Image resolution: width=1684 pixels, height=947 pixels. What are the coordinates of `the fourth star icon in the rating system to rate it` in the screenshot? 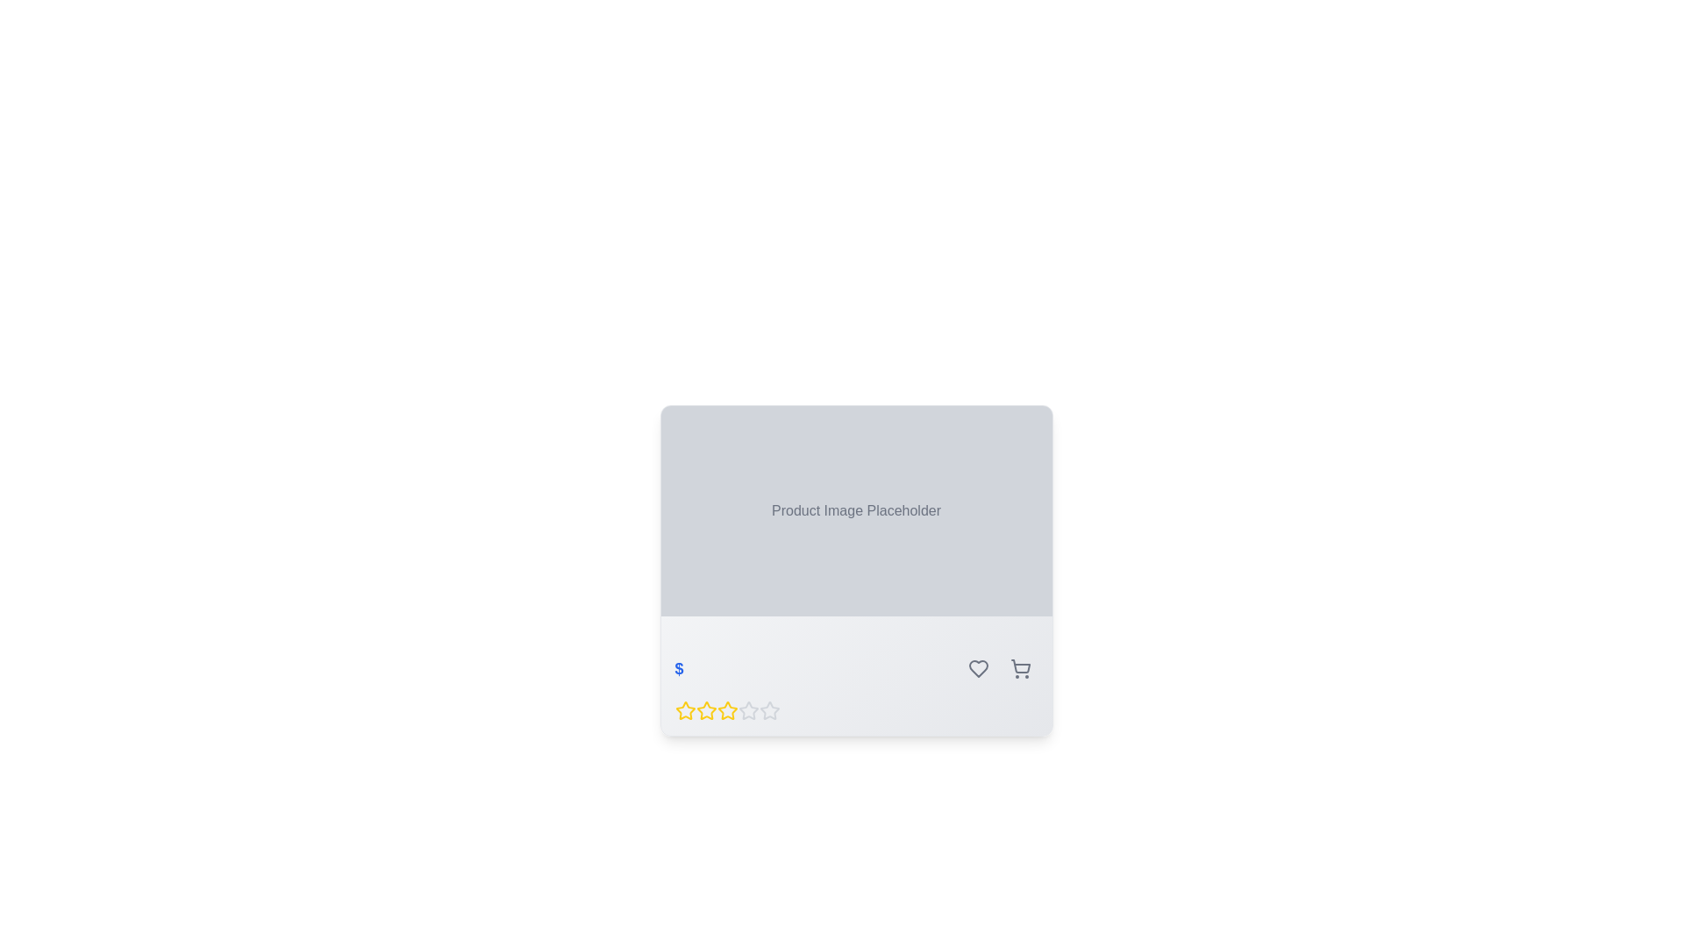 It's located at (748, 710).